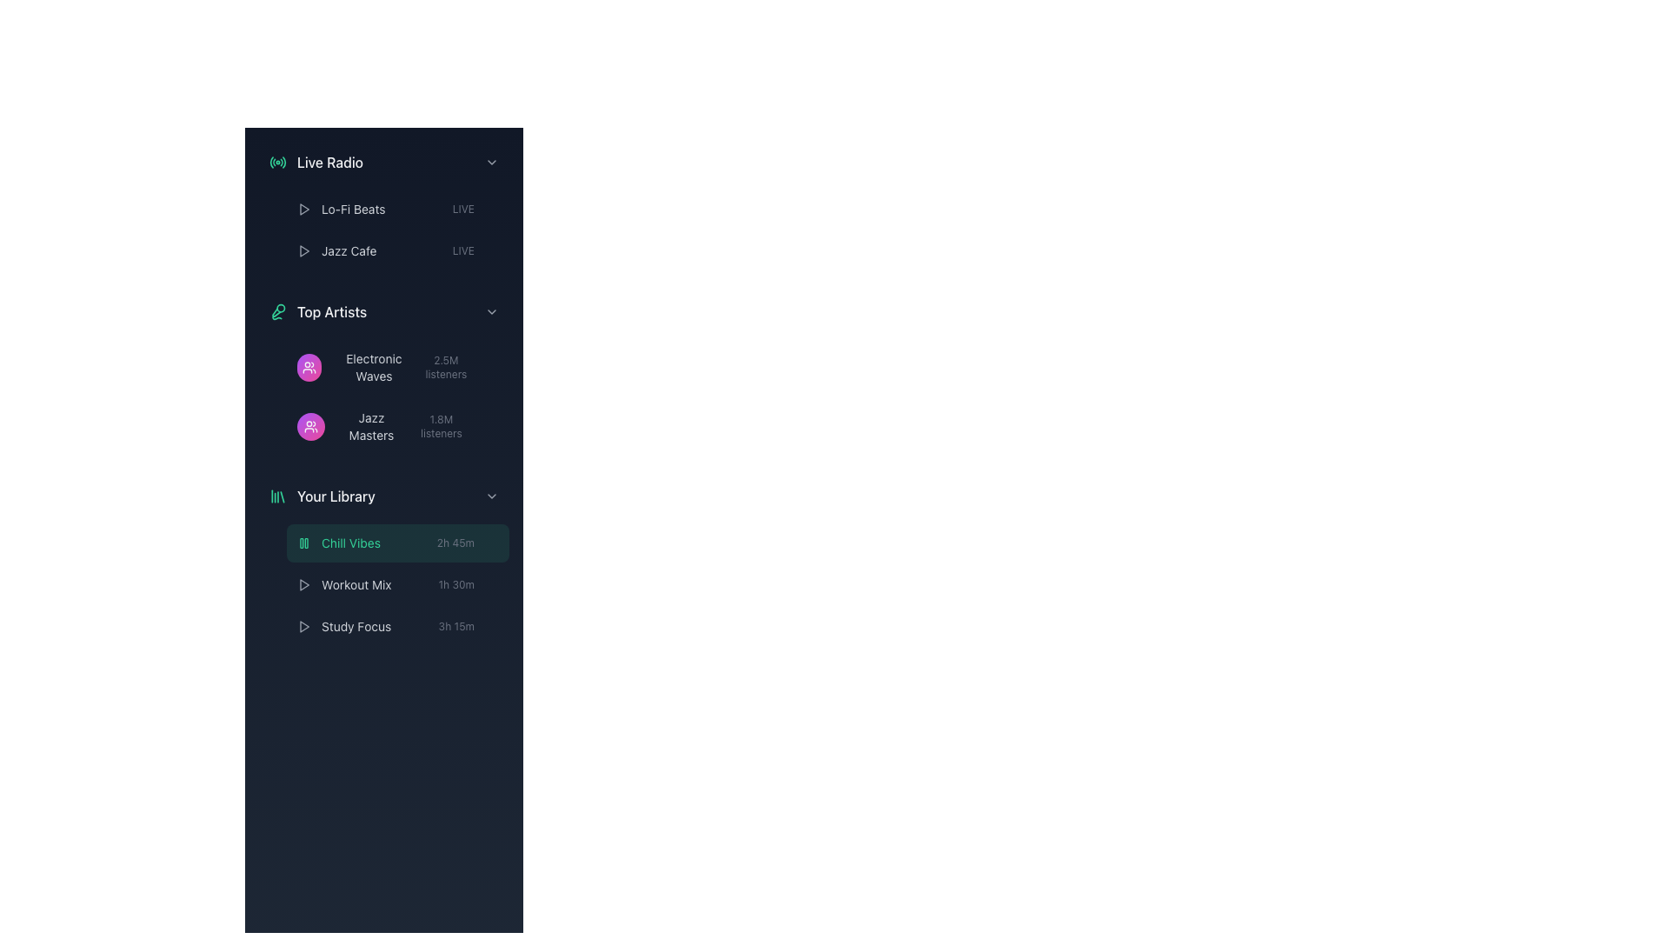  What do you see at coordinates (441, 426) in the screenshot?
I see `the text label displaying '1.8M listeners' located in the 'Top Artists' section, aligned to the right side of the 'Jazz Masters' row` at bounding box center [441, 426].